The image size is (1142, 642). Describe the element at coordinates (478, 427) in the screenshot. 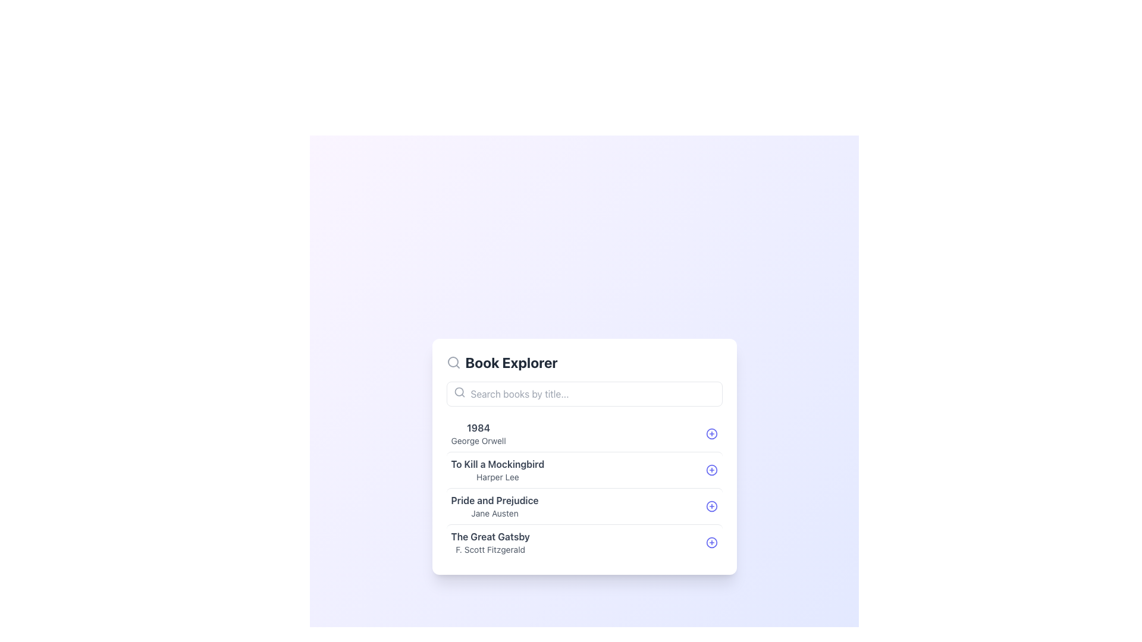

I see `label that identifies the book '1984', which is the title displayed at the top of the book entry in the 'Book Explorer' panel` at that location.